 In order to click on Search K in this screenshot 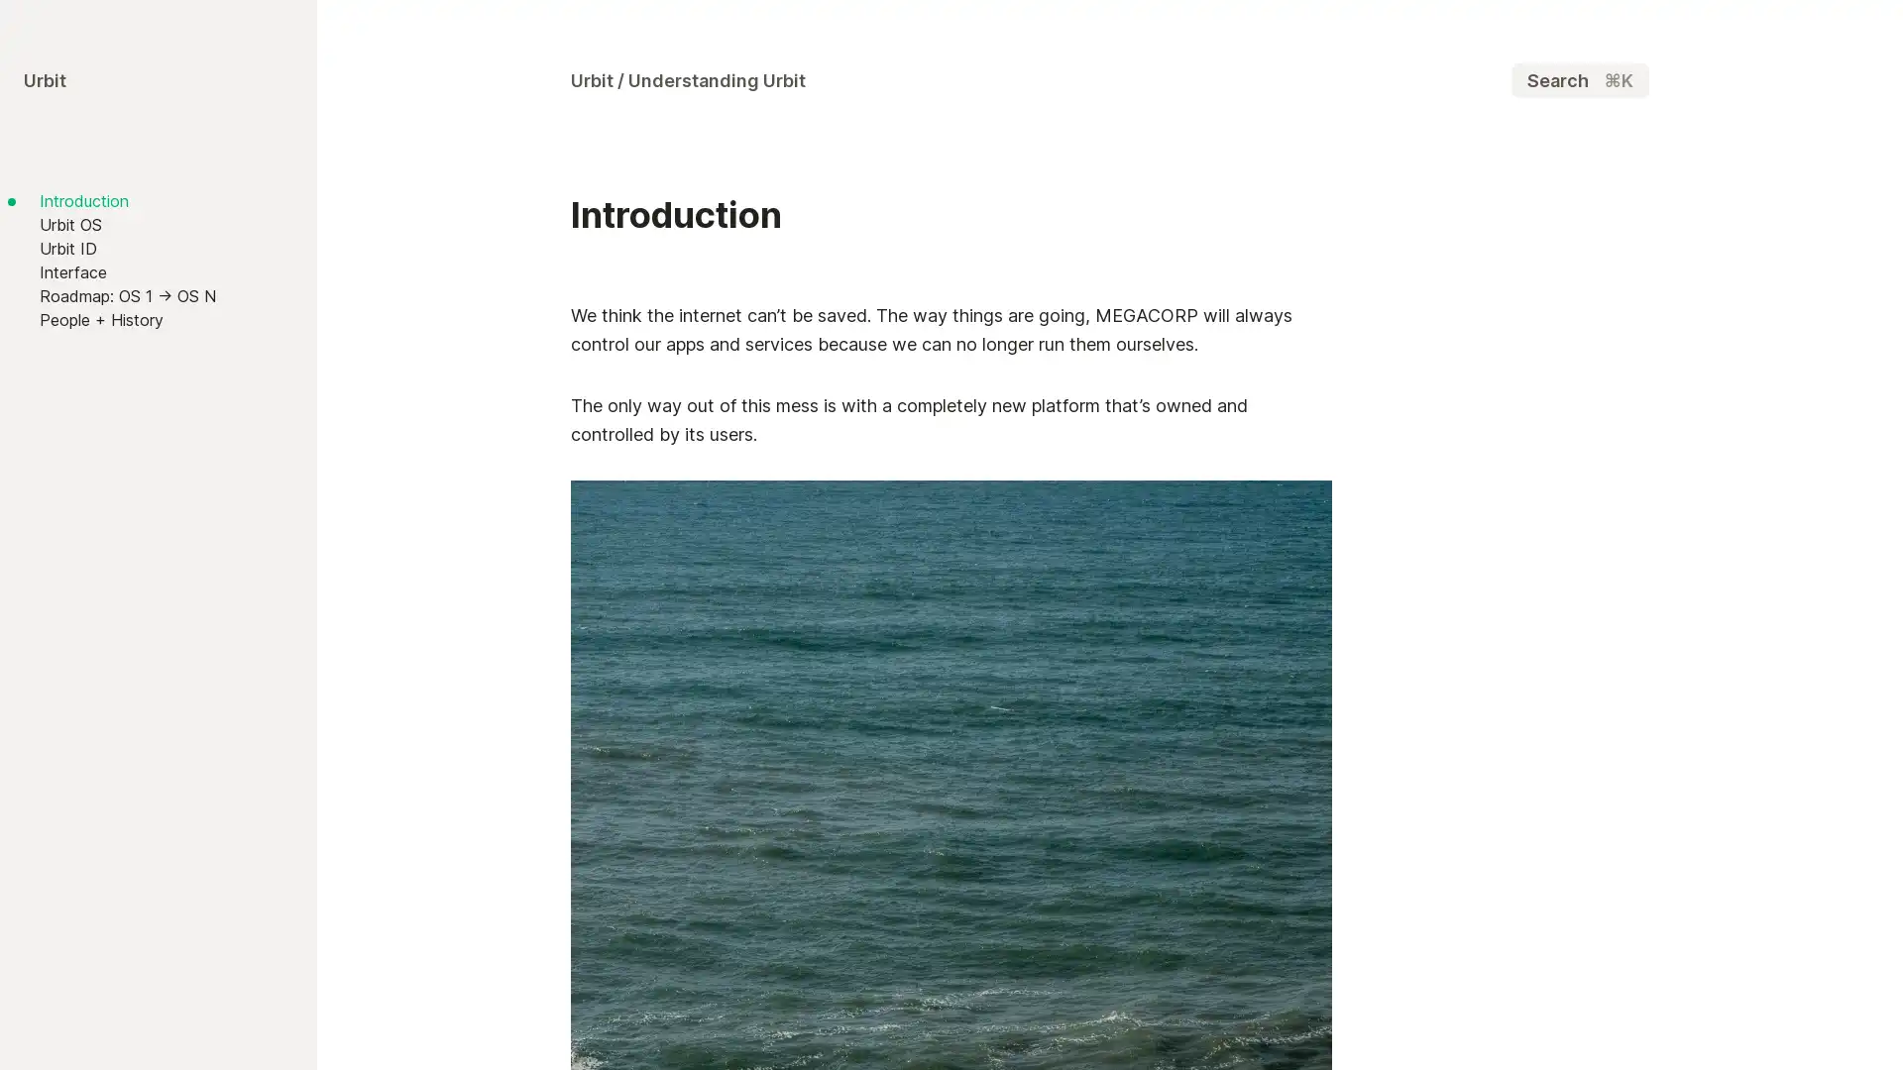, I will do `click(1579, 79)`.